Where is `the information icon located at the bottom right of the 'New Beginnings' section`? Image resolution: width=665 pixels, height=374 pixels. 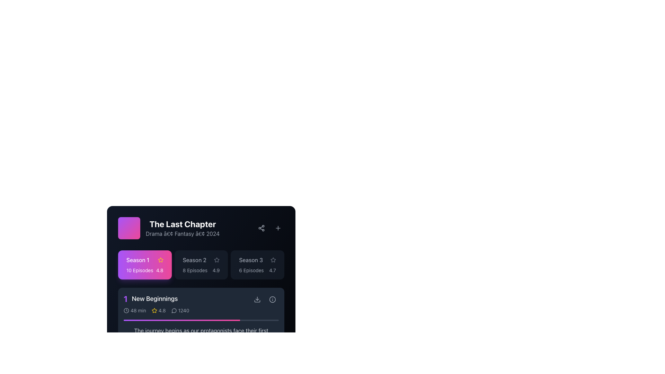 the information icon located at the bottom right of the 'New Beginnings' section is located at coordinates (272, 299).